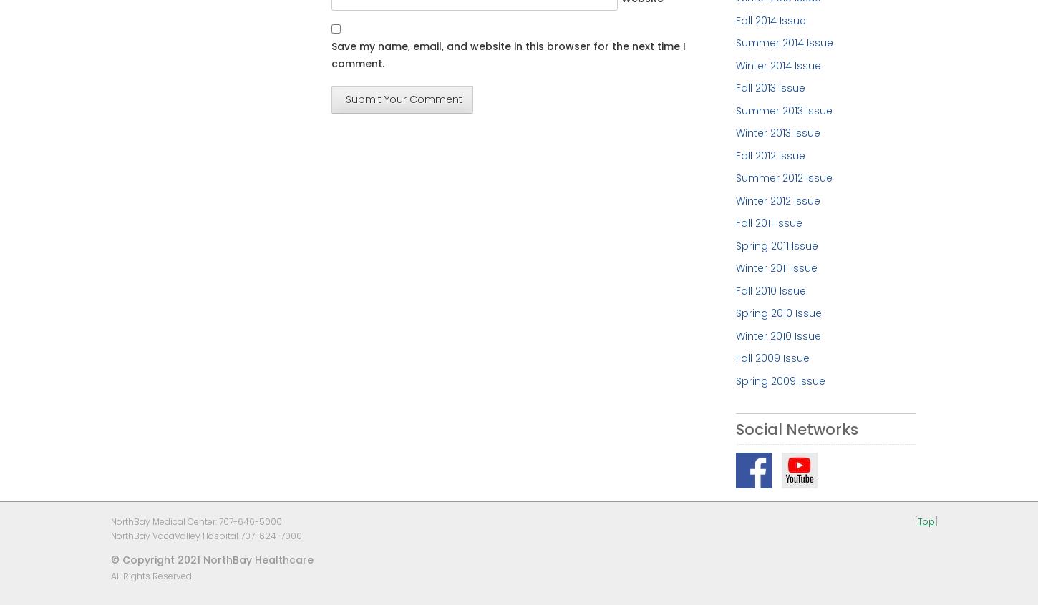 Image resolution: width=1038 pixels, height=605 pixels. Describe the element at coordinates (782, 109) in the screenshot. I see `'Summer 2013 Issue'` at that location.